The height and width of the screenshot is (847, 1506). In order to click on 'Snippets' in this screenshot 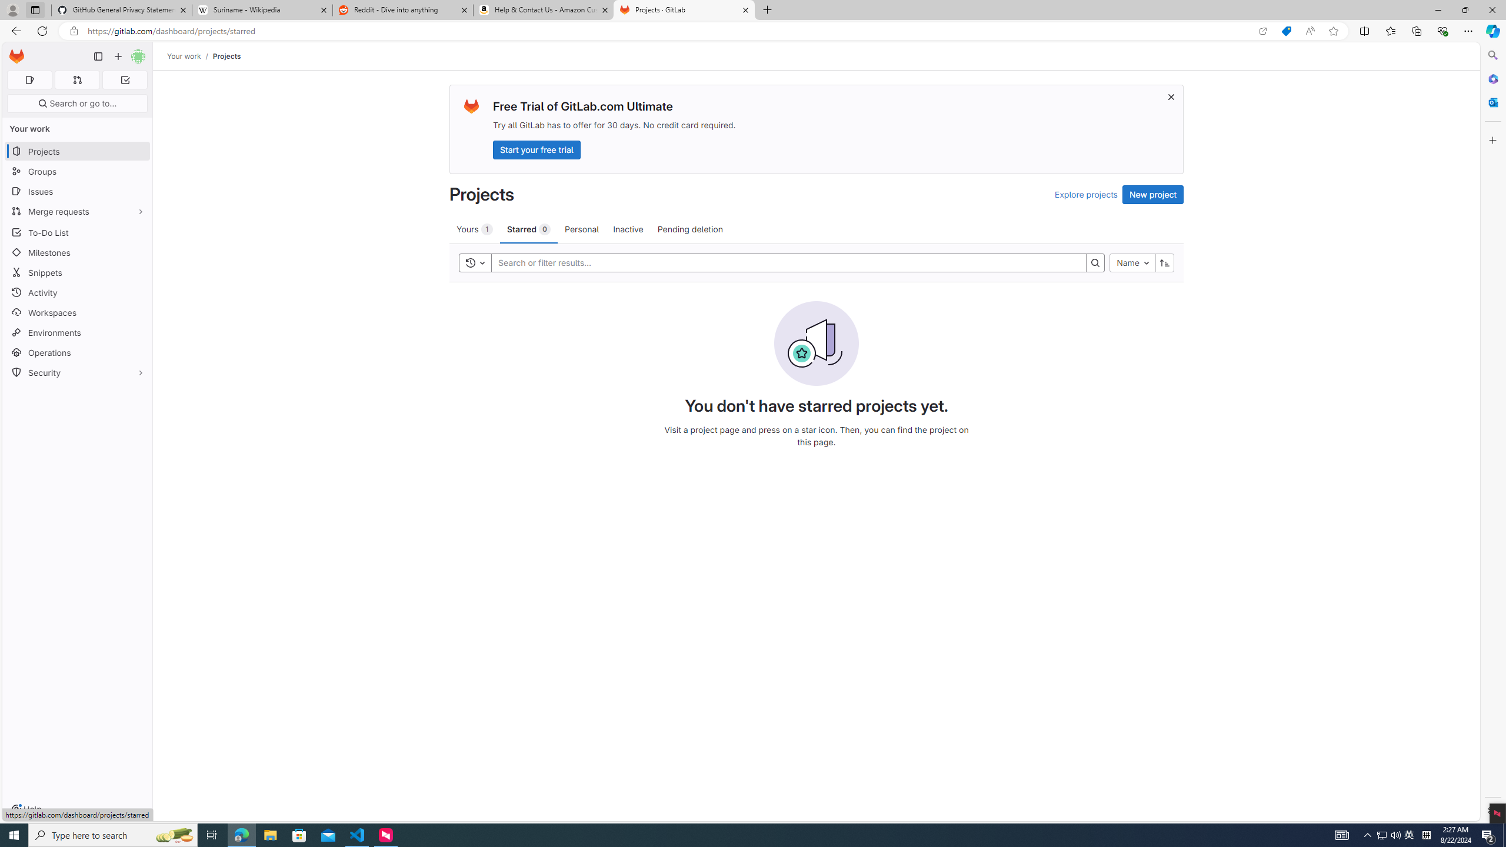, I will do `click(76, 272)`.